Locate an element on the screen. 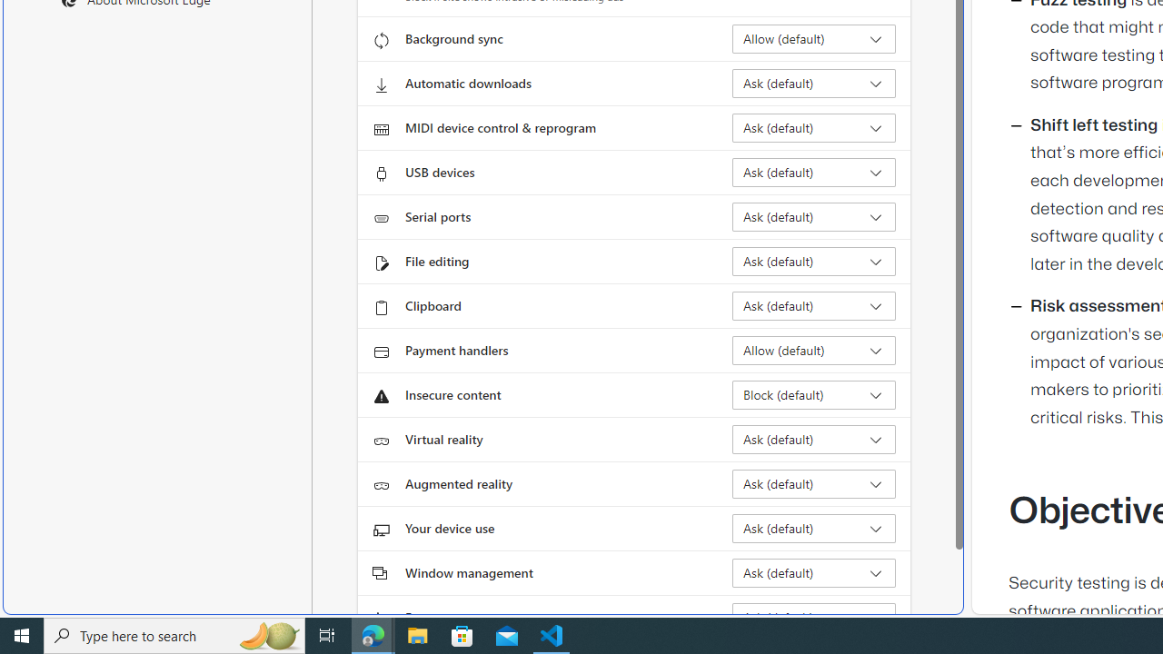 This screenshot has width=1163, height=654. 'USB devices Ask (default)' is located at coordinates (813, 173).